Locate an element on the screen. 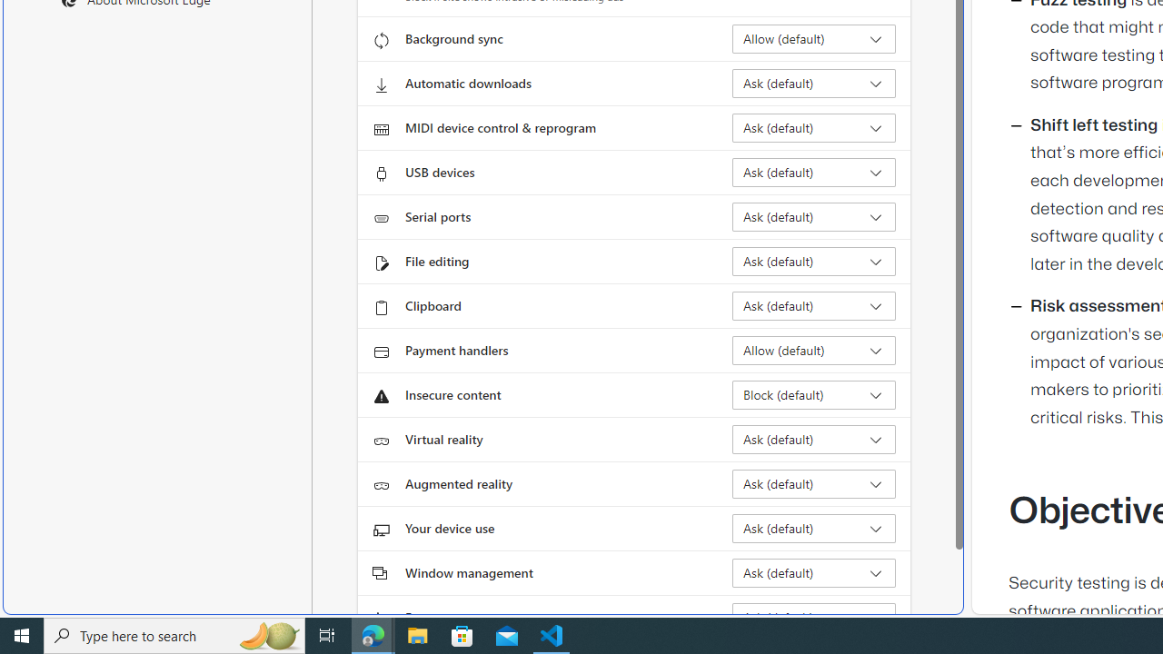 This screenshot has width=1163, height=654. 'USB devices Ask (default)' is located at coordinates (813, 173).